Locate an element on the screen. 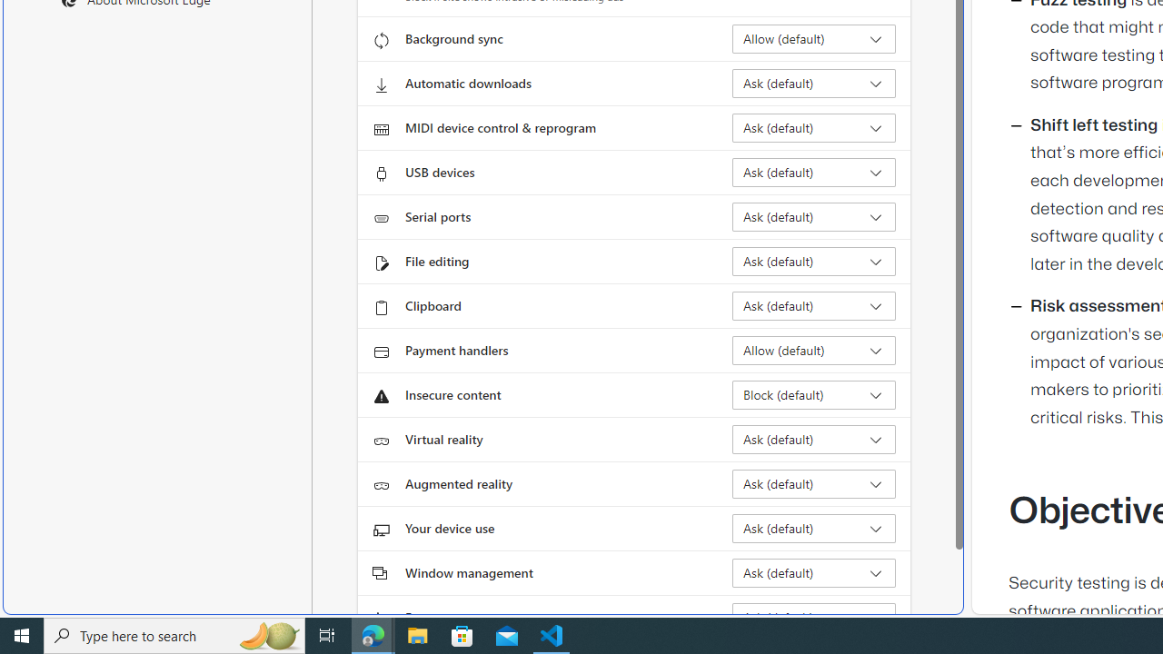 This screenshot has width=1163, height=654. 'USB devices Ask (default)' is located at coordinates (813, 173).